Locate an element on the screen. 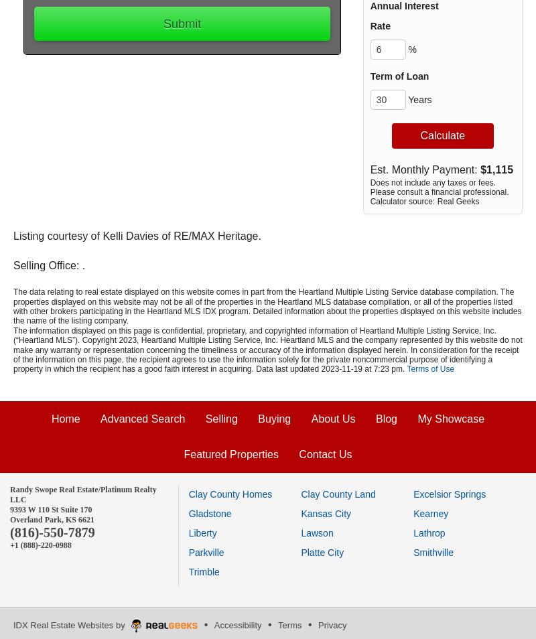 This screenshot has height=639, width=536. '%' is located at coordinates (405, 48).